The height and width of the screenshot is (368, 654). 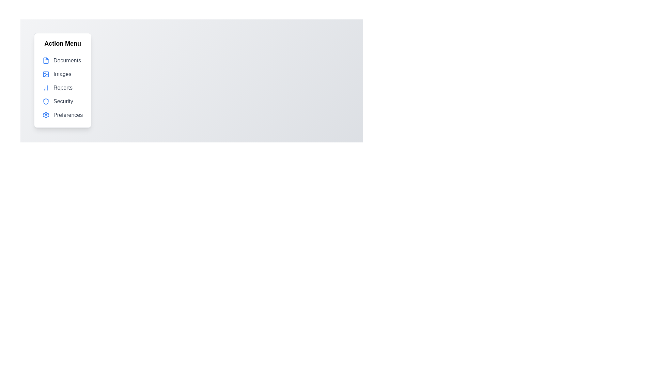 I want to click on the icon corresponding to Preferences in the action menu, so click(x=45, y=115).